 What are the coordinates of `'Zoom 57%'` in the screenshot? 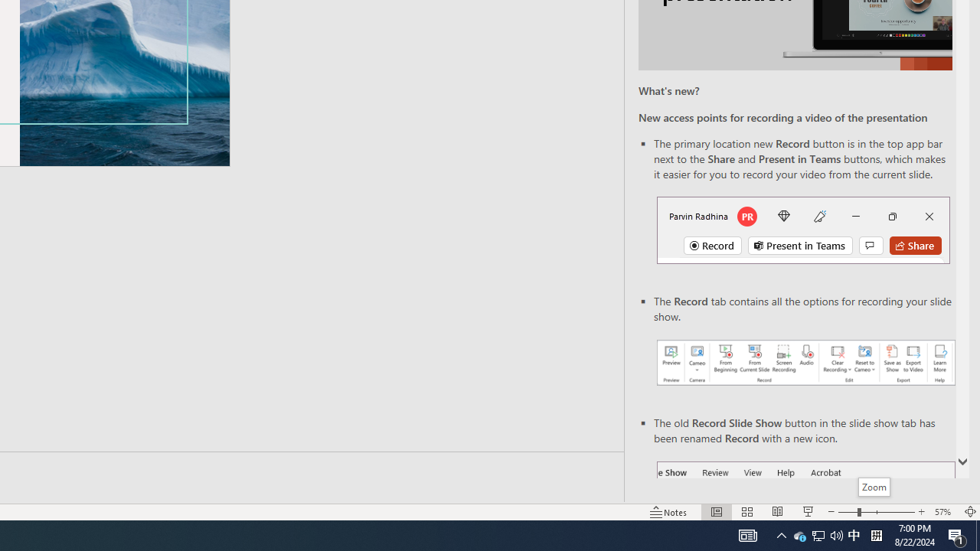 It's located at (944, 512).